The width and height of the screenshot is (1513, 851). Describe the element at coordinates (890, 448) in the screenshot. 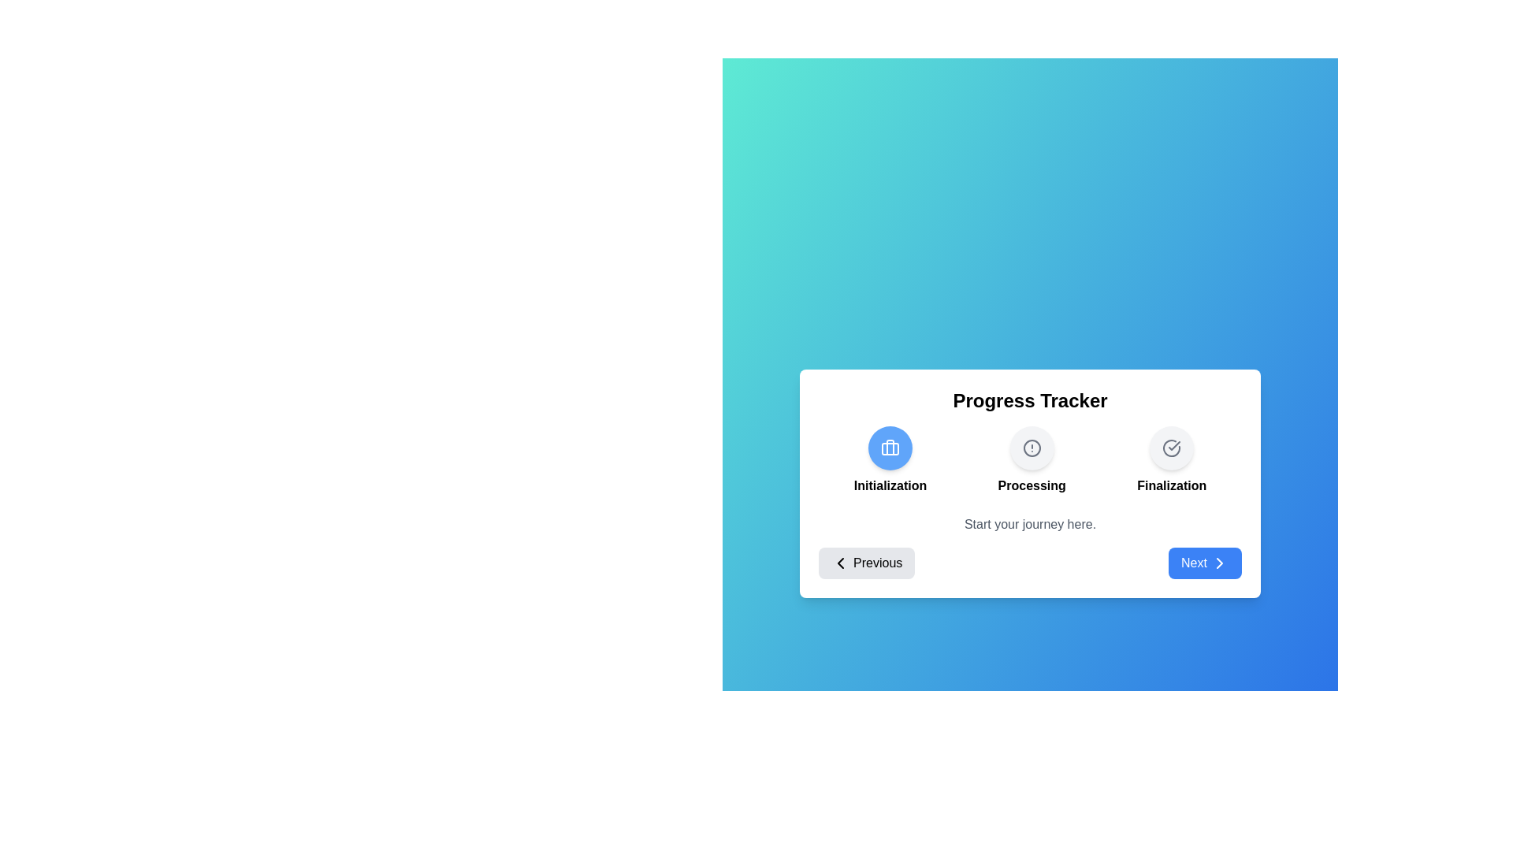

I see `the step Initialization to activate it` at that location.